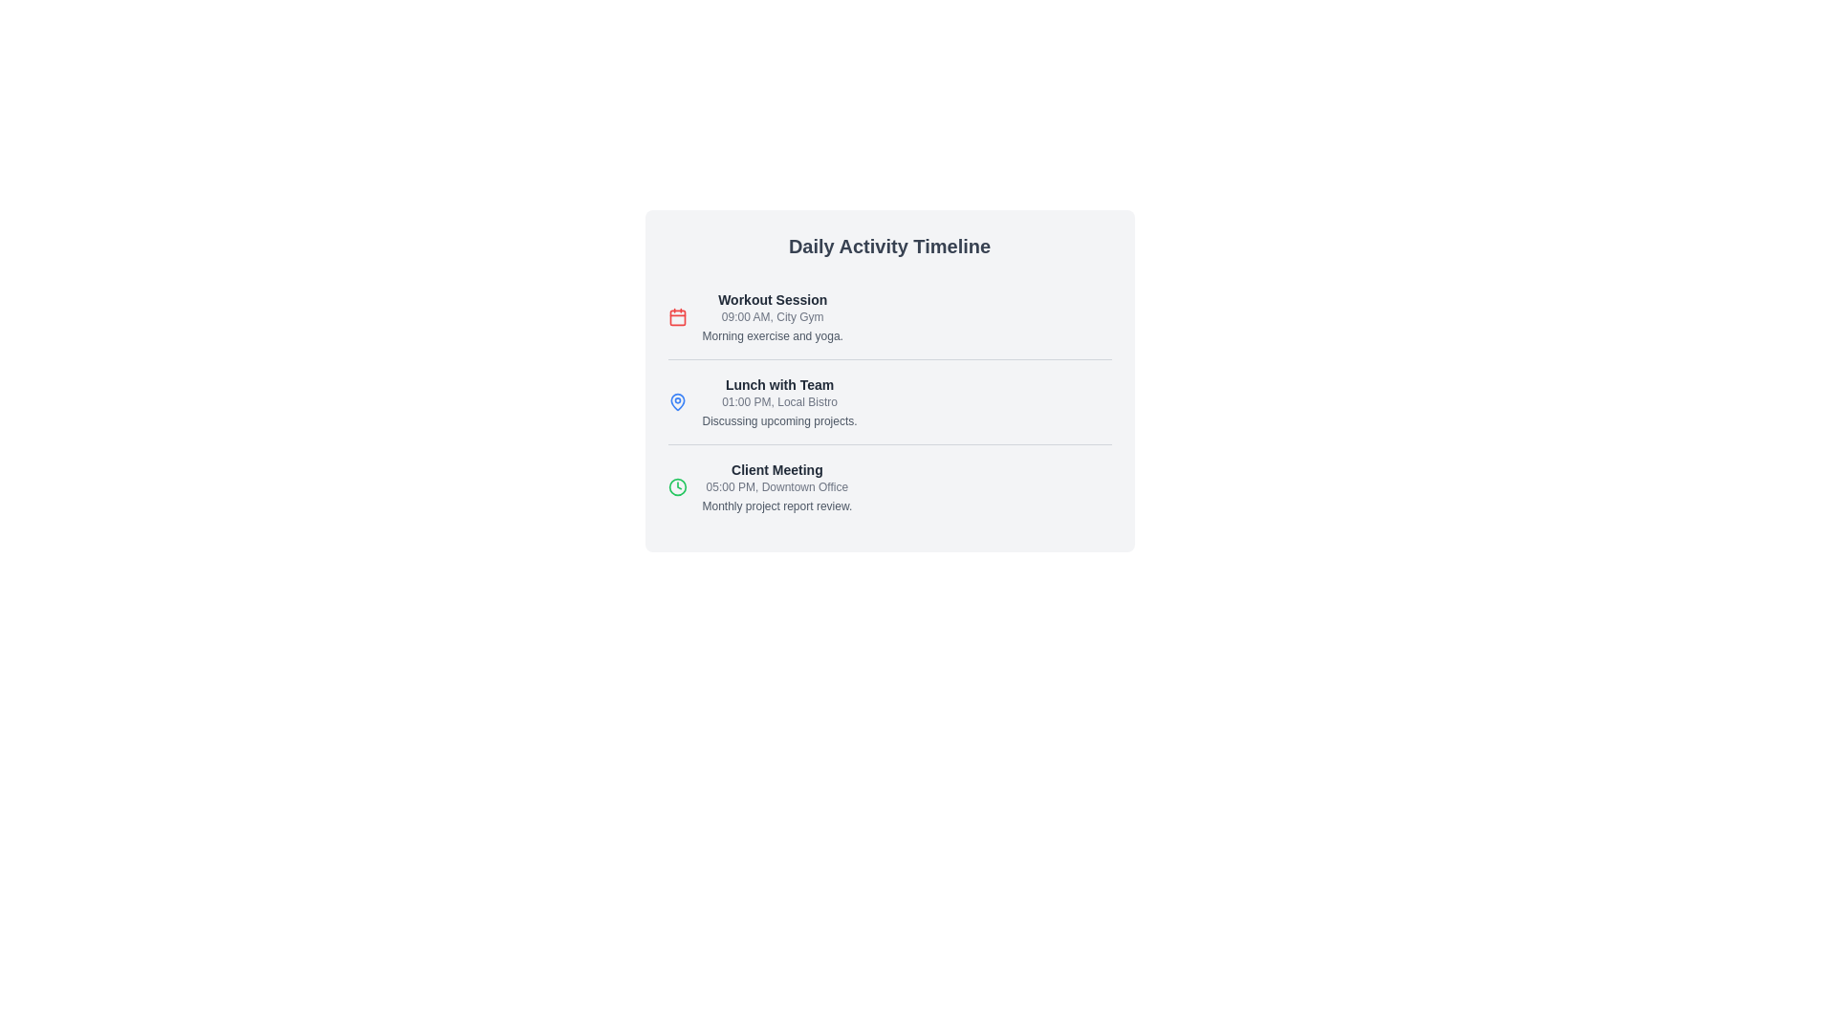 Image resolution: width=1836 pixels, height=1032 pixels. I want to click on the first list item representing a scheduled activity, so click(888, 315).